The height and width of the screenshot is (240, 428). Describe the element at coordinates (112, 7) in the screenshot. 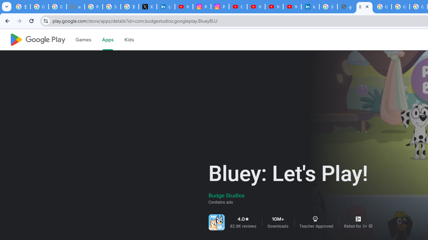

I see `'Sign in - Google Accounts'` at that location.